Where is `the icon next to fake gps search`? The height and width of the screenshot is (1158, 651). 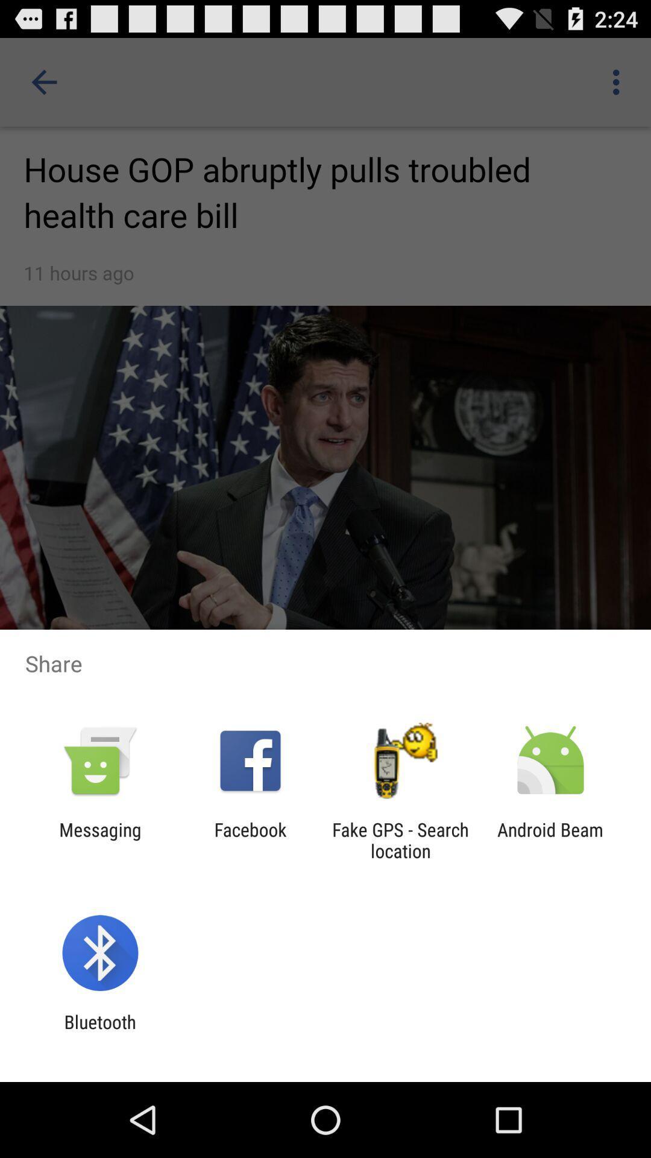 the icon next to fake gps search is located at coordinates (550, 840).